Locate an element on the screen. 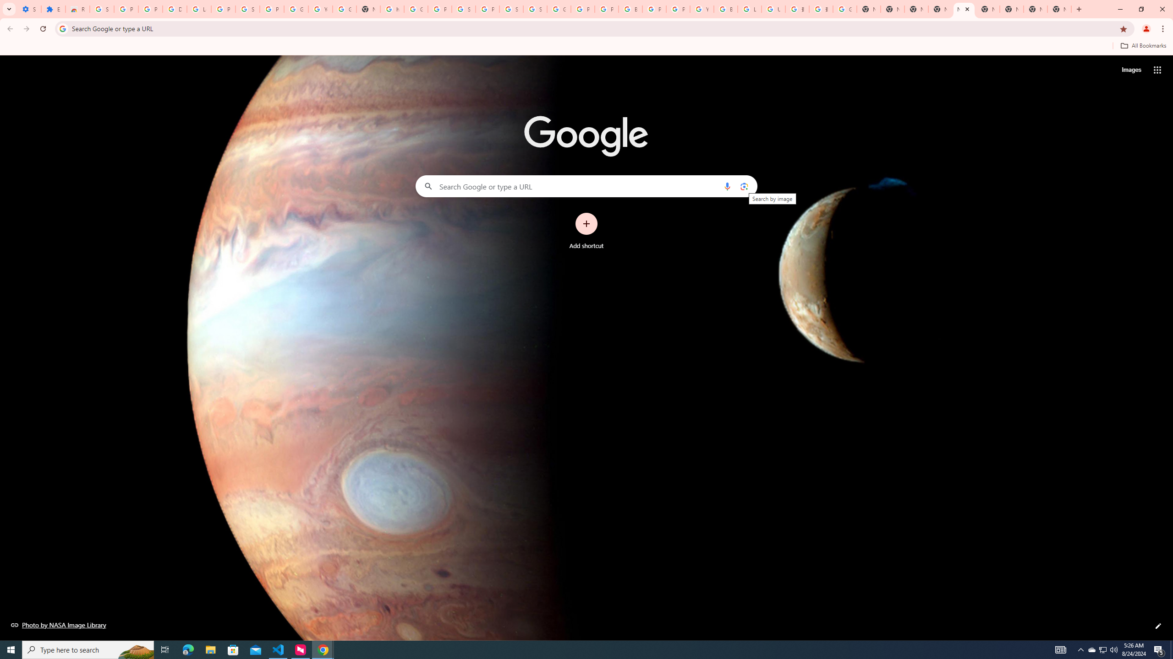  'Reviews: Helix Fruit Jump Arcade Game' is located at coordinates (77, 9).